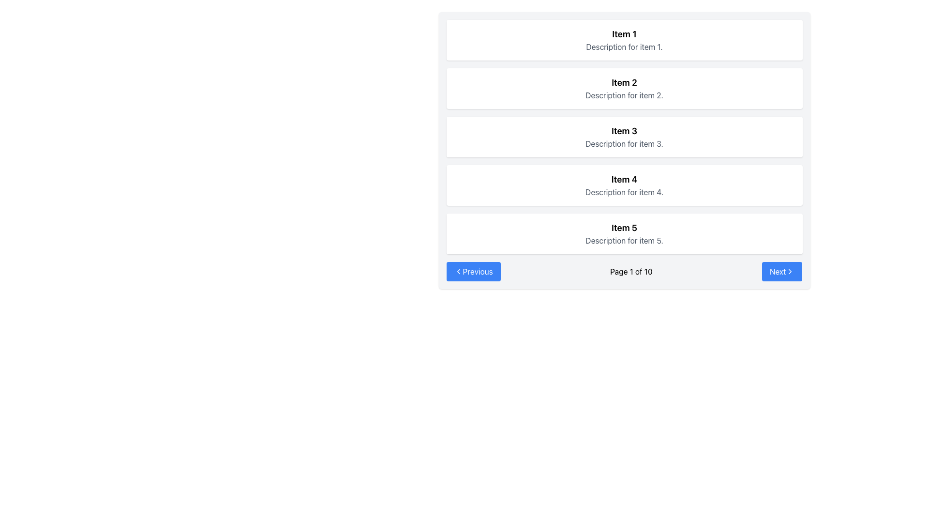 The image size is (929, 523). What do you see at coordinates (624, 228) in the screenshot?
I see `the 'Item 5' text label, which is styled with a bold and enlarged font and located at the top of the fifth card in a vertically stacked list of cards` at bounding box center [624, 228].